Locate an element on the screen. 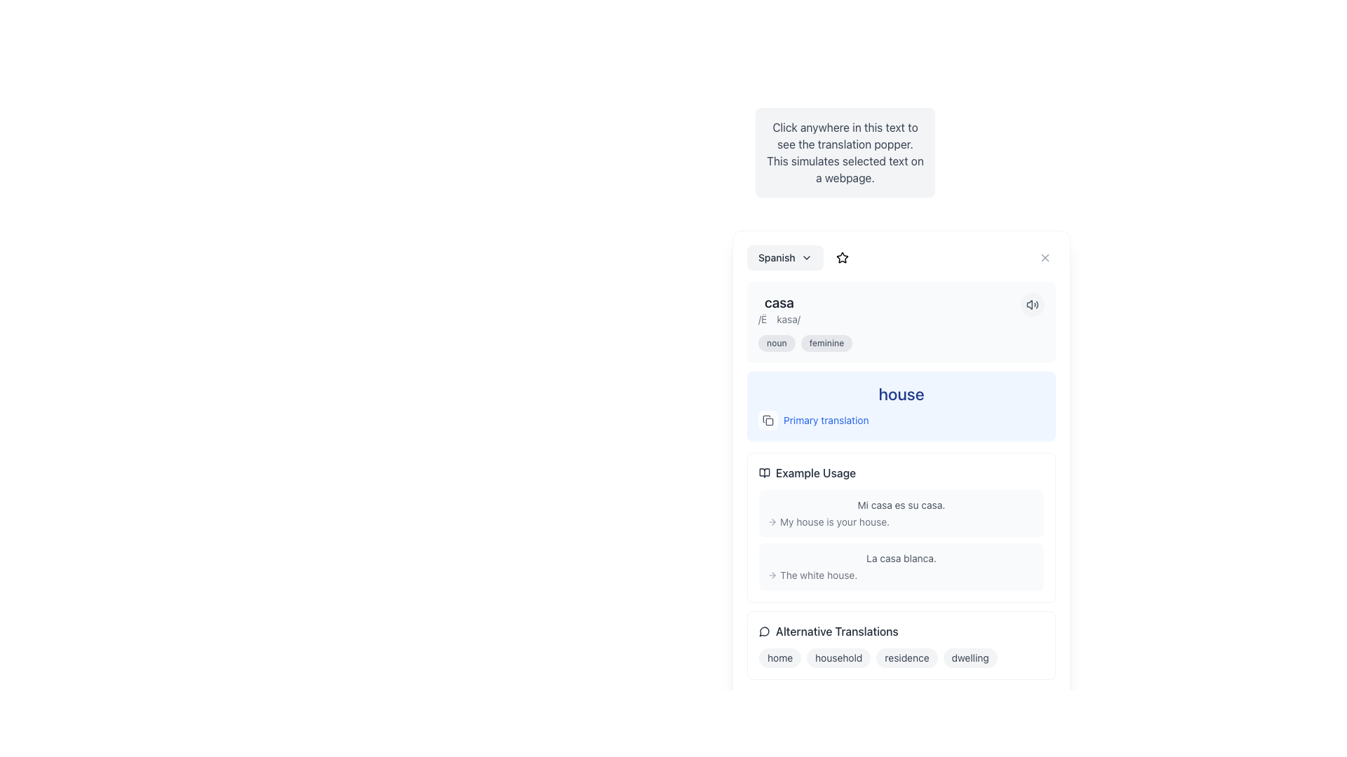 The width and height of the screenshot is (1347, 757). the small gray rightward arrow icon located before the text 'The white house' is located at coordinates (771, 575).